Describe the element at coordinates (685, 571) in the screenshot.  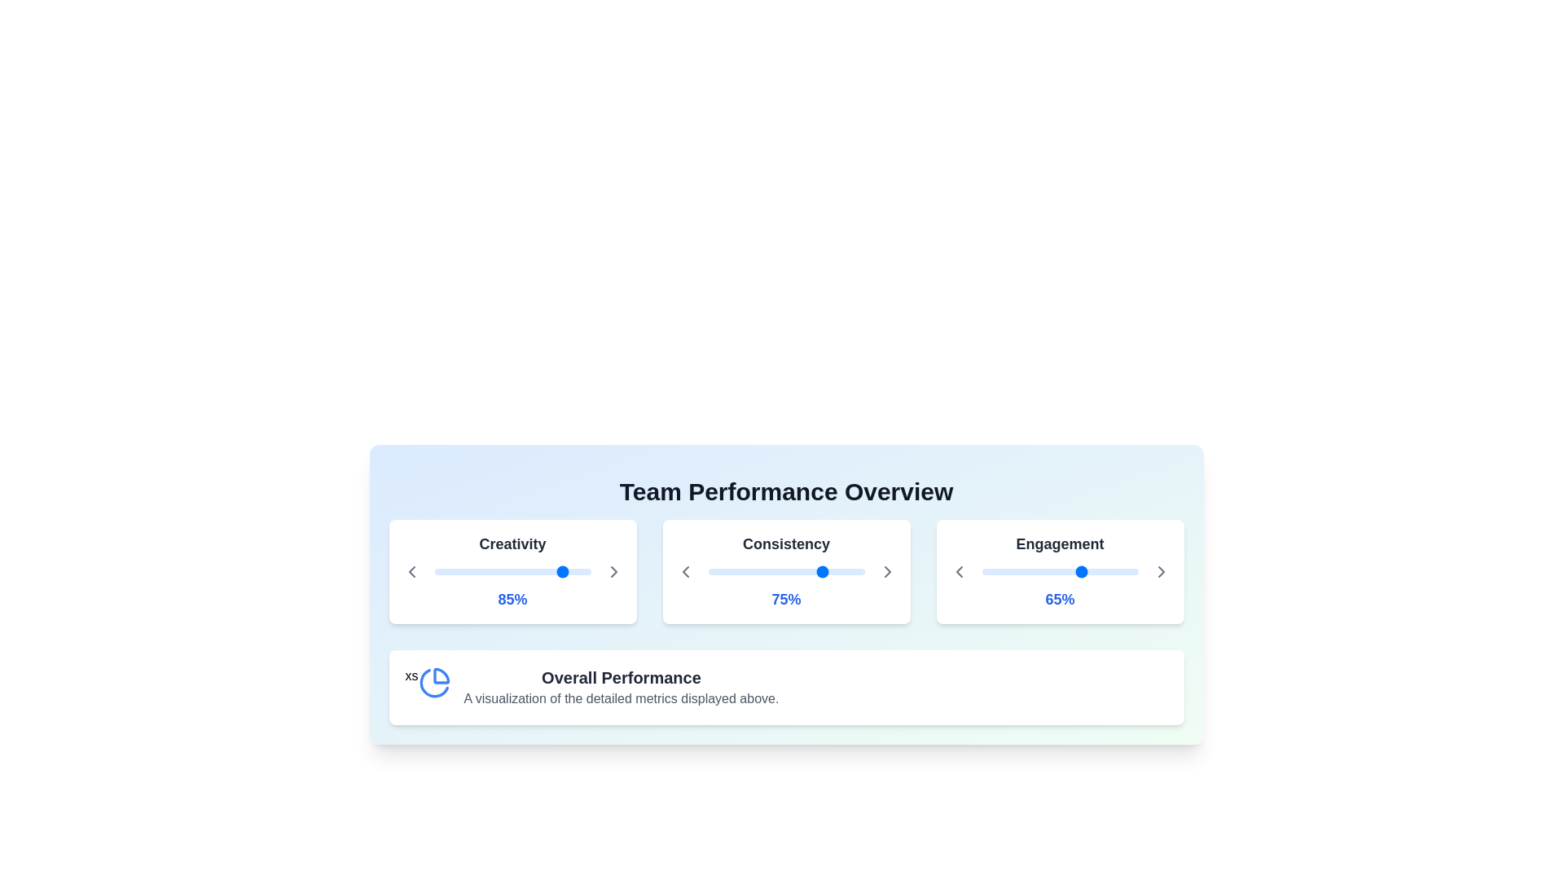
I see `the Navigation icon (left-chevron) located within the 'Consistency' scorecard under 'Team Performance Overview'` at that location.